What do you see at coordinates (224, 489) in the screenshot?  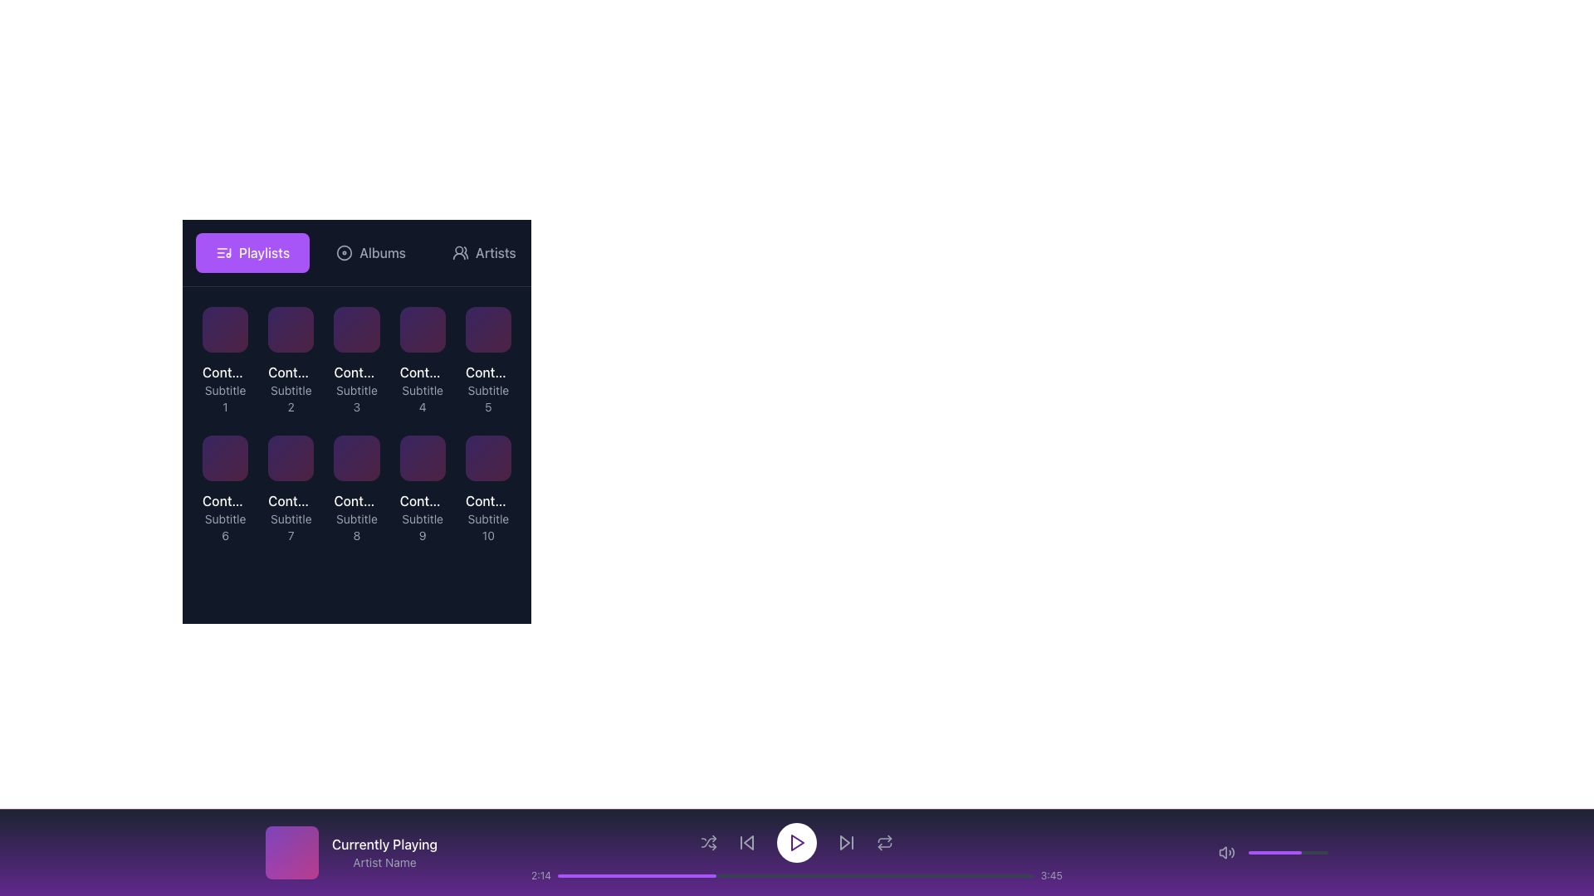 I see `the triangular-shaped play button with a purple gradient background located in the sixth item of the grid in the second row` at bounding box center [224, 489].